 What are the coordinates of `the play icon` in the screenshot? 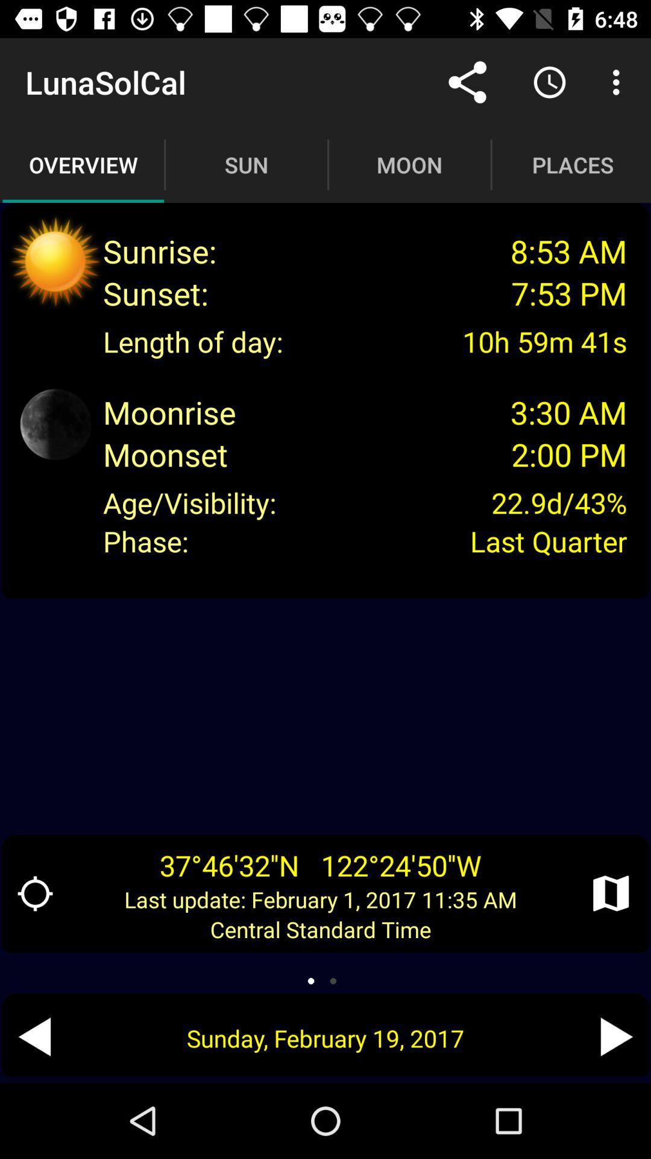 It's located at (616, 1036).